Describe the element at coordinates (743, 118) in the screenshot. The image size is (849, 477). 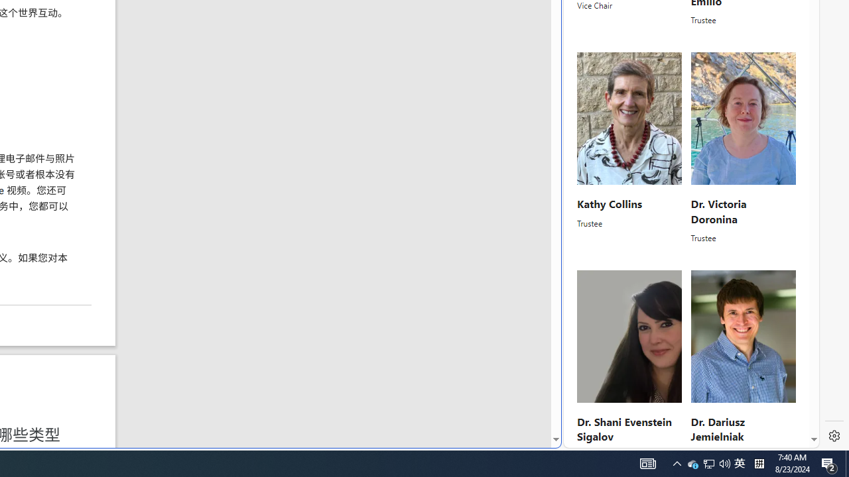
I see `'Victoria Doronina in 2021'` at that location.